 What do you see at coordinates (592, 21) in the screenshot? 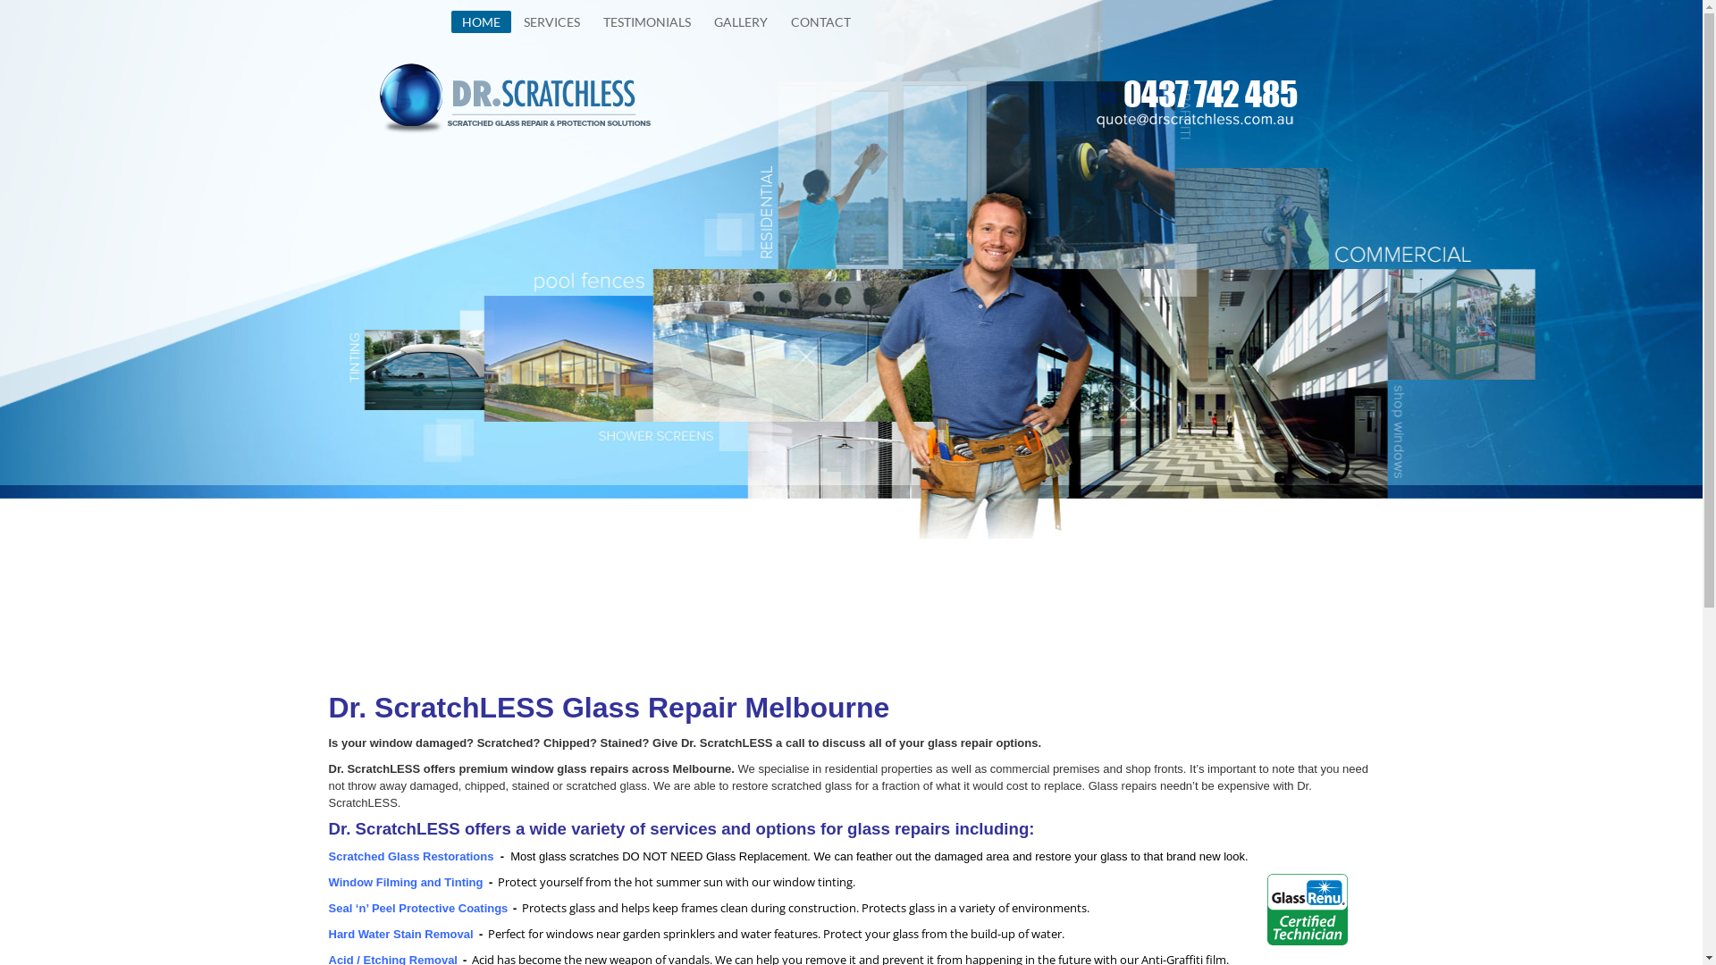
I see `'TESTIMONIALS'` at bounding box center [592, 21].